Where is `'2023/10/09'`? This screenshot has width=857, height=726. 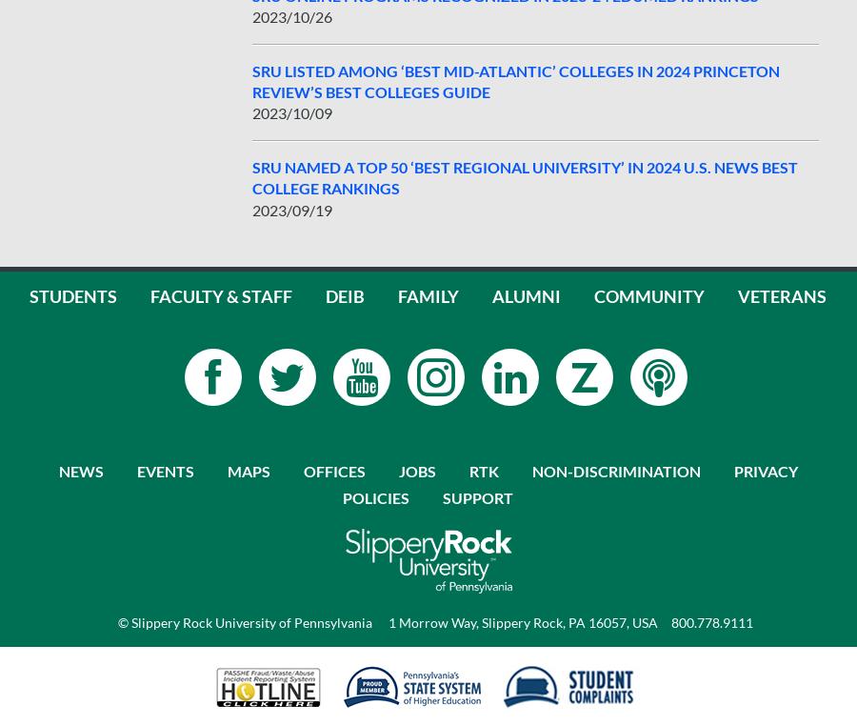 '2023/10/09' is located at coordinates (290, 112).